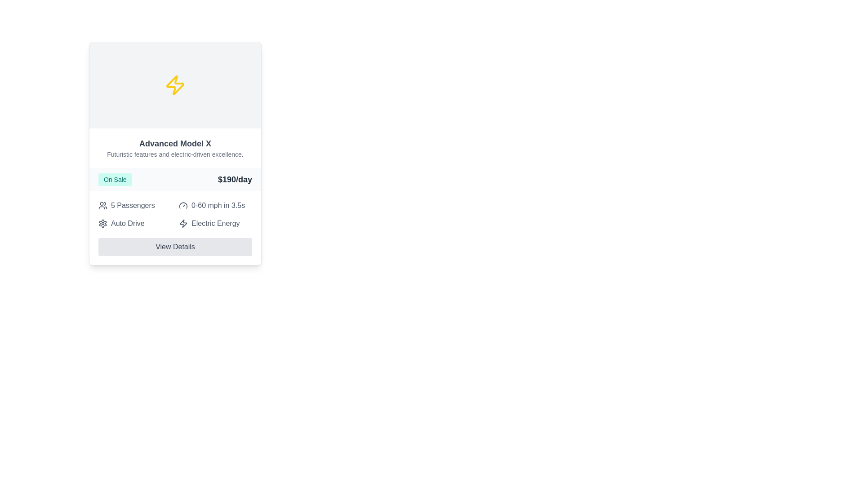  I want to click on the text with icon displaying '0-60 mph in 3.5s', which is part of a descriptive attribute group located in the right column of a two-column grid, so click(215, 206).